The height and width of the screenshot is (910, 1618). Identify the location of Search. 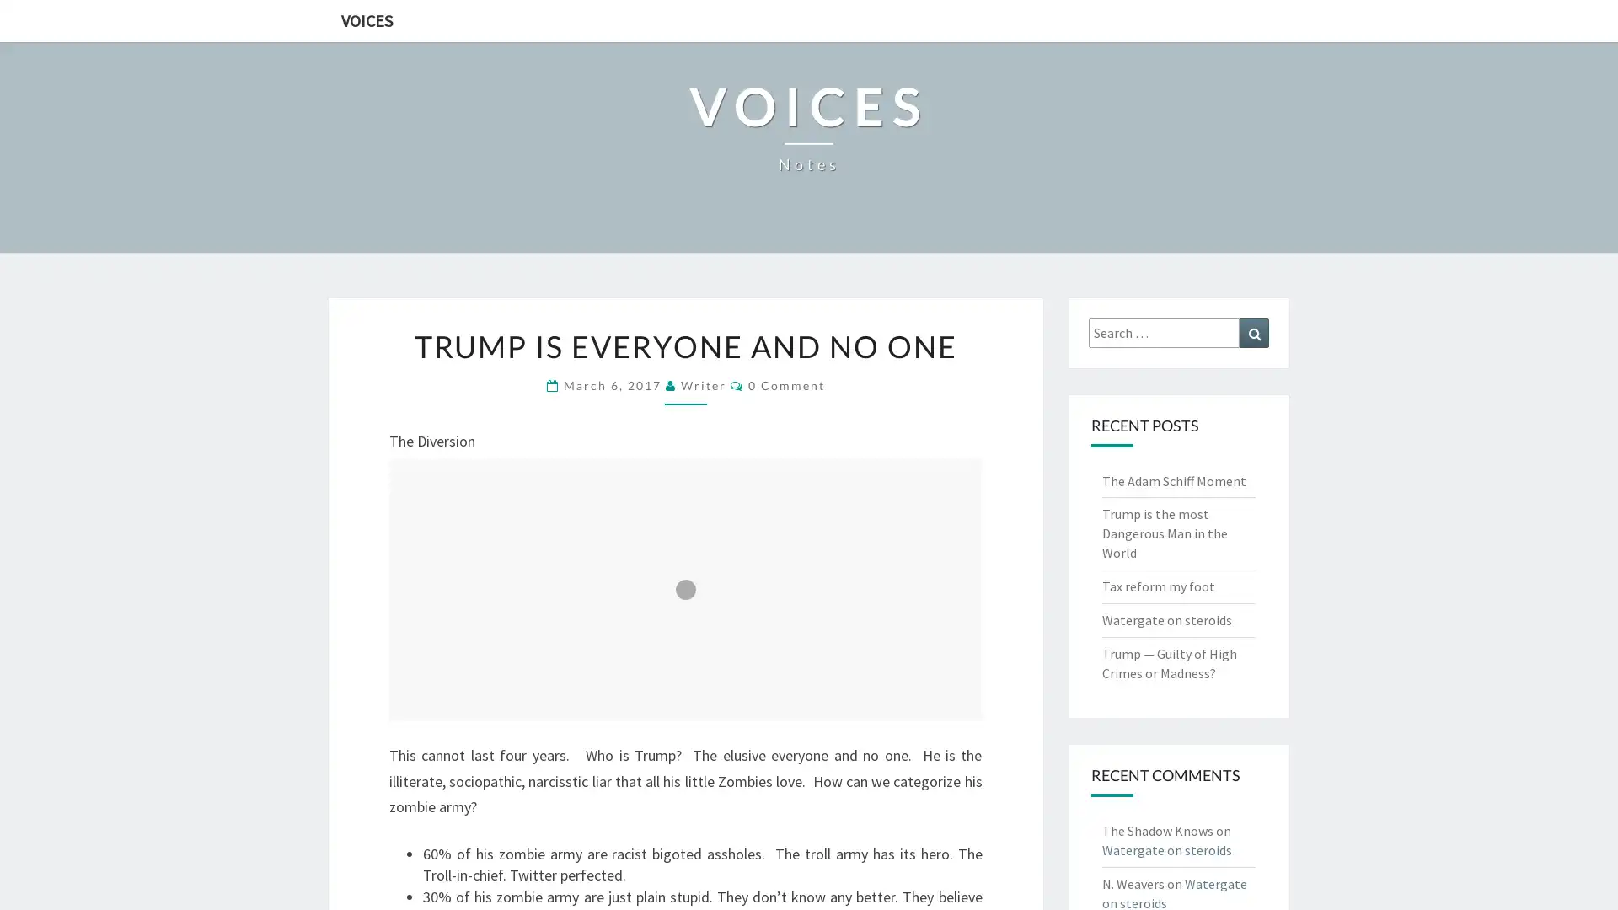
(1254, 332).